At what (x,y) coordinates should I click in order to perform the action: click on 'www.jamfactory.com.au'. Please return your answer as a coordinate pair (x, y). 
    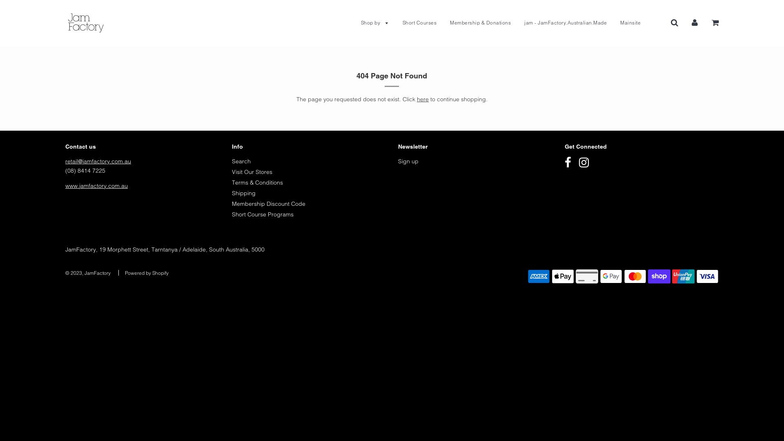
    Looking at the image, I should click on (65, 186).